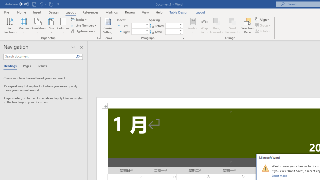 This screenshot has height=180, width=320. Describe the element at coordinates (51, 4) in the screenshot. I see `'Repeat Insert Row Below'` at that location.